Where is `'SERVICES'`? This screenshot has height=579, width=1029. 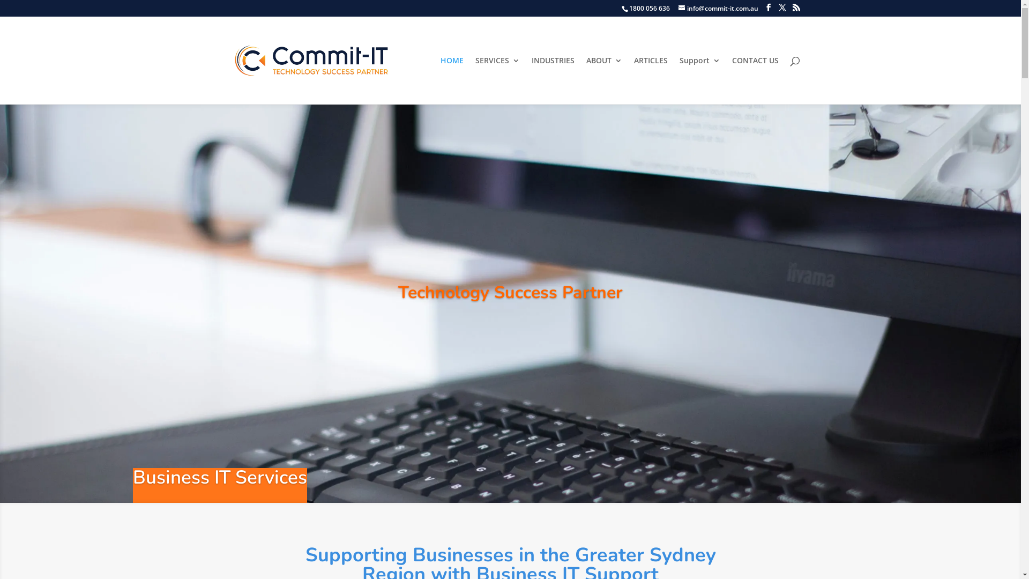 'SERVICES' is located at coordinates (496, 80).